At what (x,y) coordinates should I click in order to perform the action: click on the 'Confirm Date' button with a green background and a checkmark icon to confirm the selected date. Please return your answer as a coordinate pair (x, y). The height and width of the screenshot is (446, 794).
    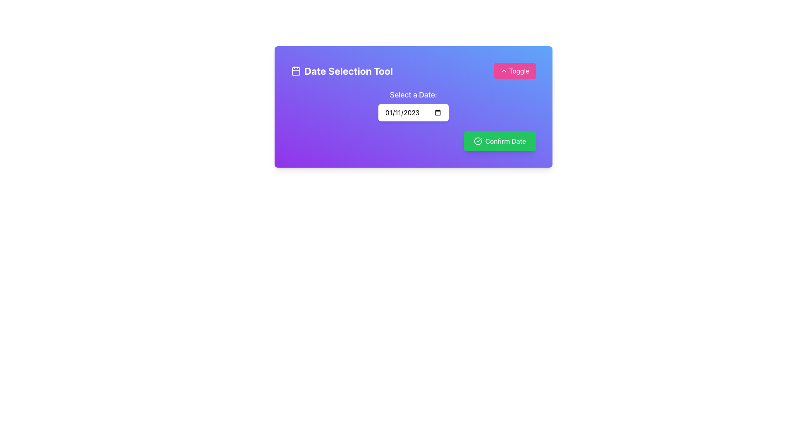
    Looking at the image, I should click on (499, 141).